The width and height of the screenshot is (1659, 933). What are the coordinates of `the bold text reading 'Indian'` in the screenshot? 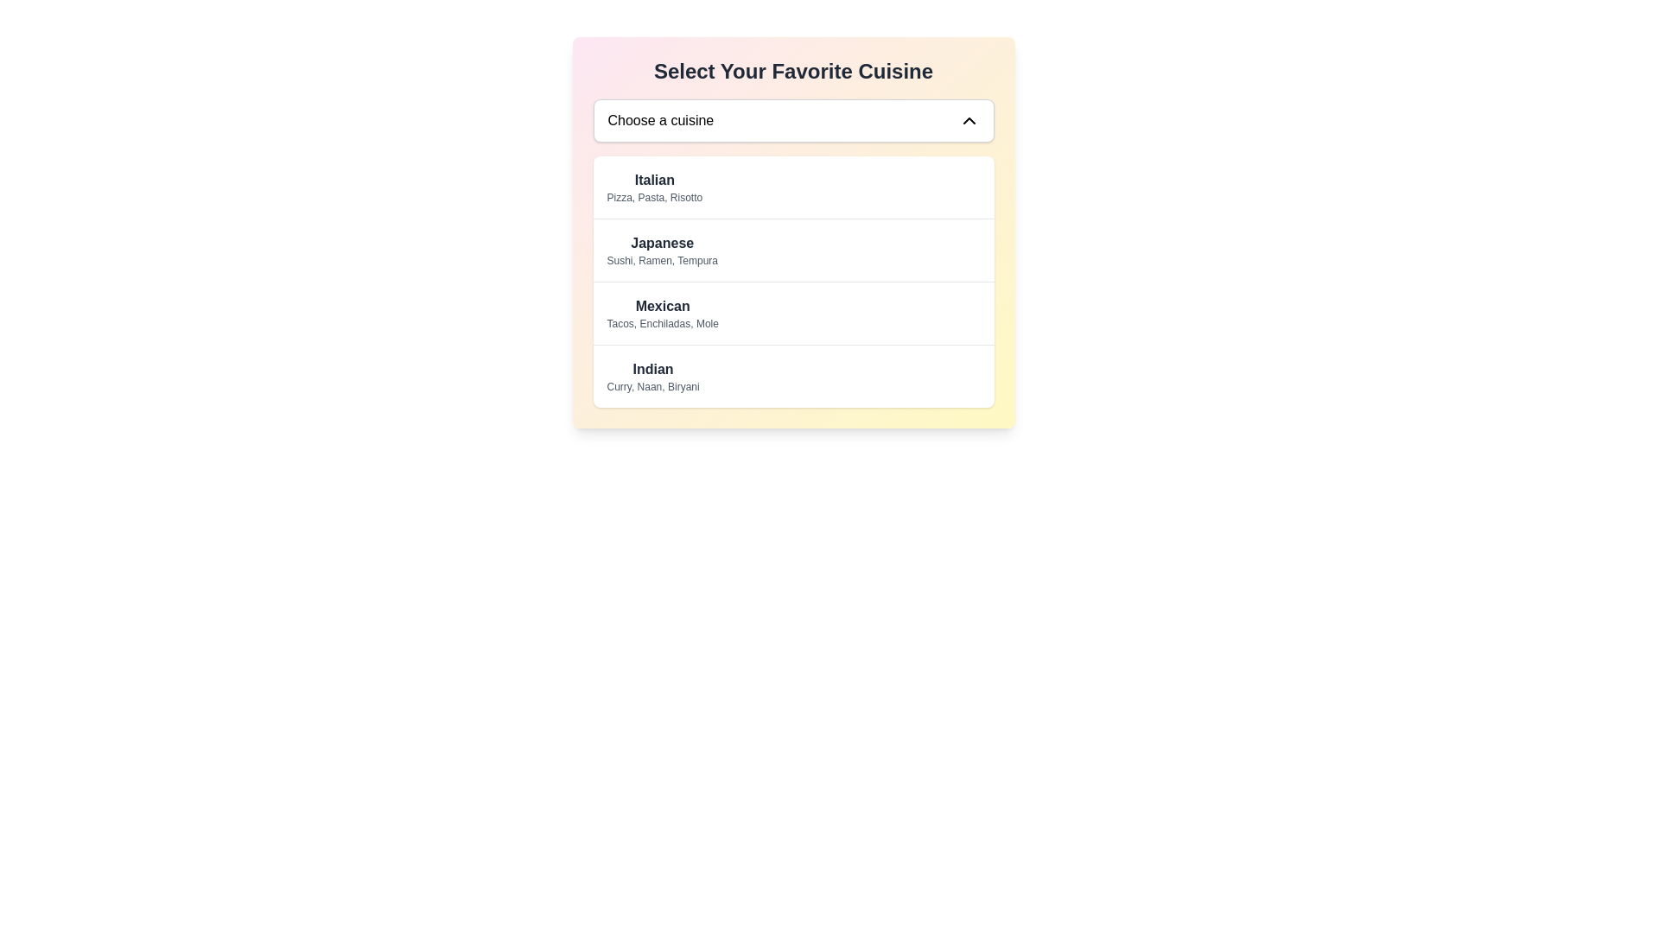 It's located at (652, 369).